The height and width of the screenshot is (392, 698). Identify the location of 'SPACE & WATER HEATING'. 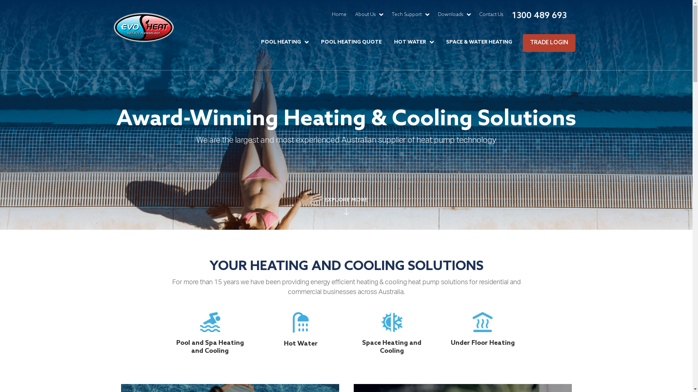
(478, 42).